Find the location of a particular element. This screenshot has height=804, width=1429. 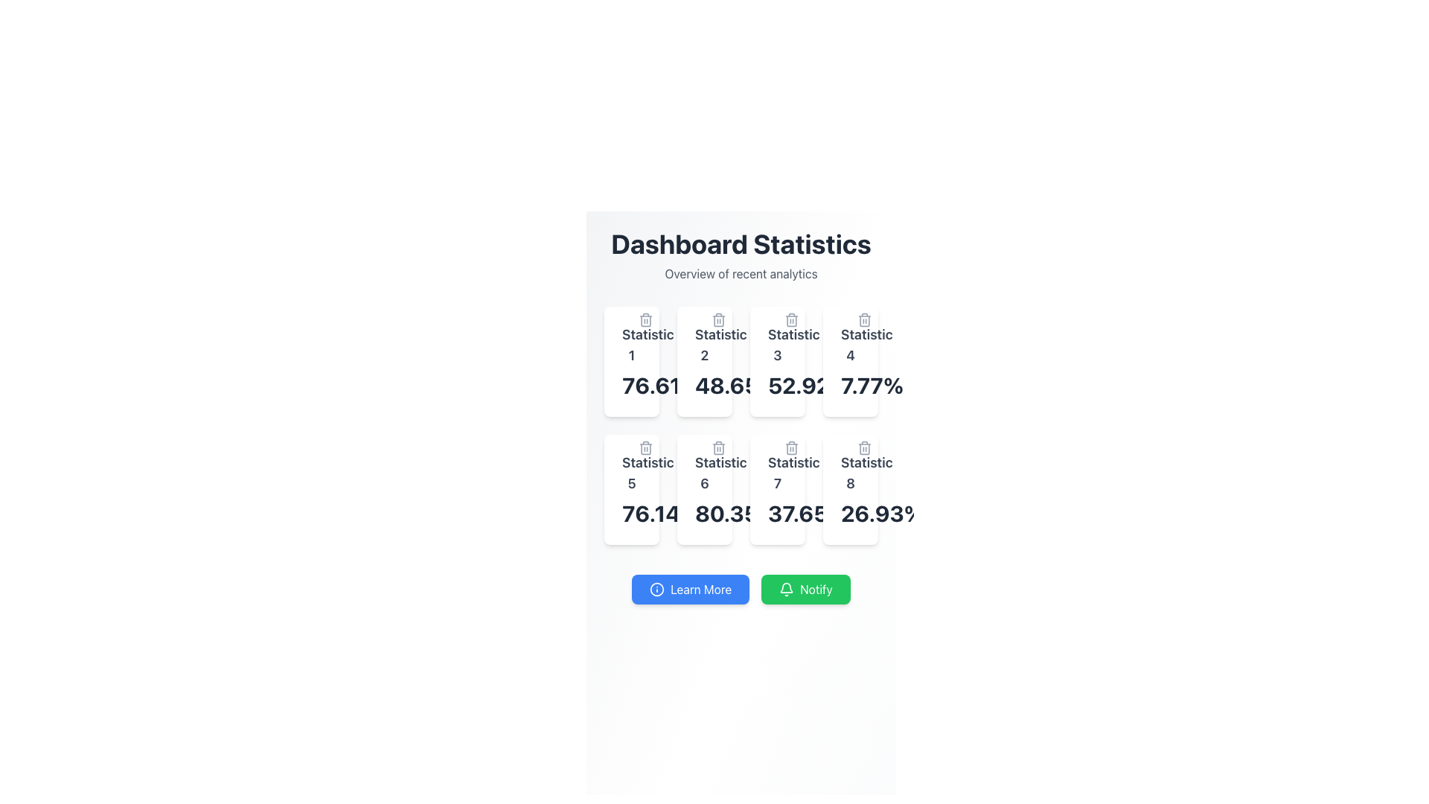

the trash icon located in the upper right corner of the 'Statistic 2' card is located at coordinates (718, 319).